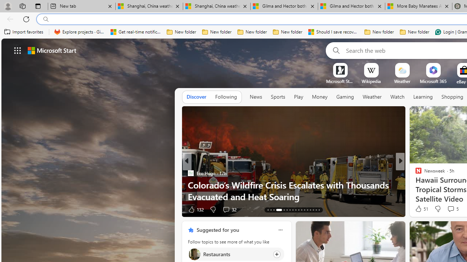 The height and width of the screenshot is (262, 467). What do you see at coordinates (419, 209) in the screenshot?
I see `'11 Like'` at bounding box center [419, 209].